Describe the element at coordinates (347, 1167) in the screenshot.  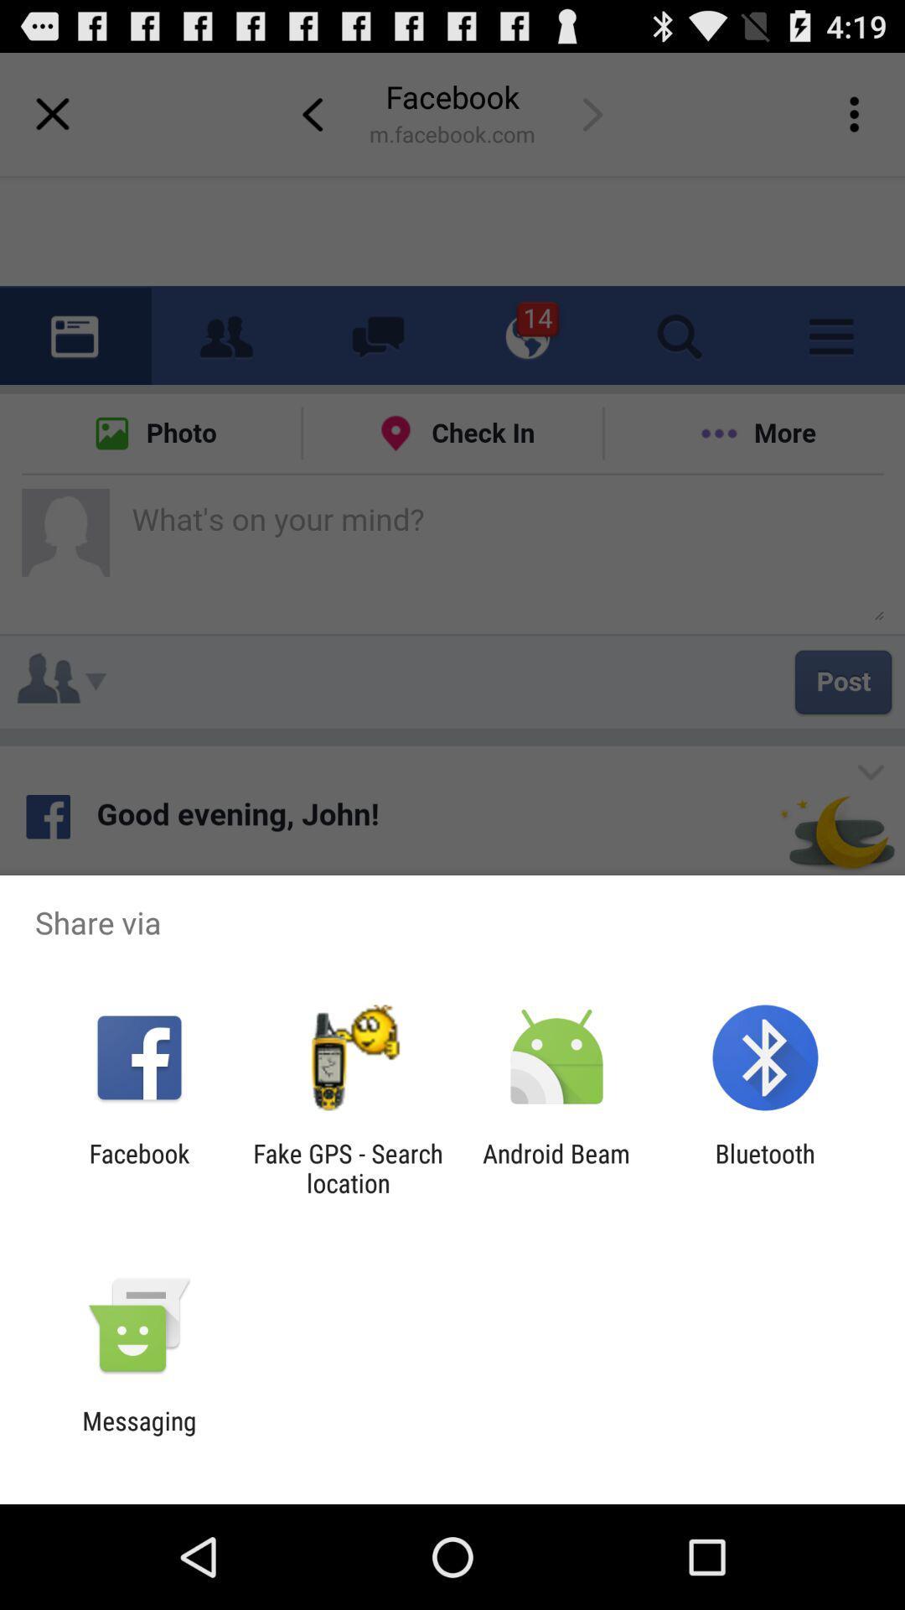
I see `the app next to the android beam app` at that location.